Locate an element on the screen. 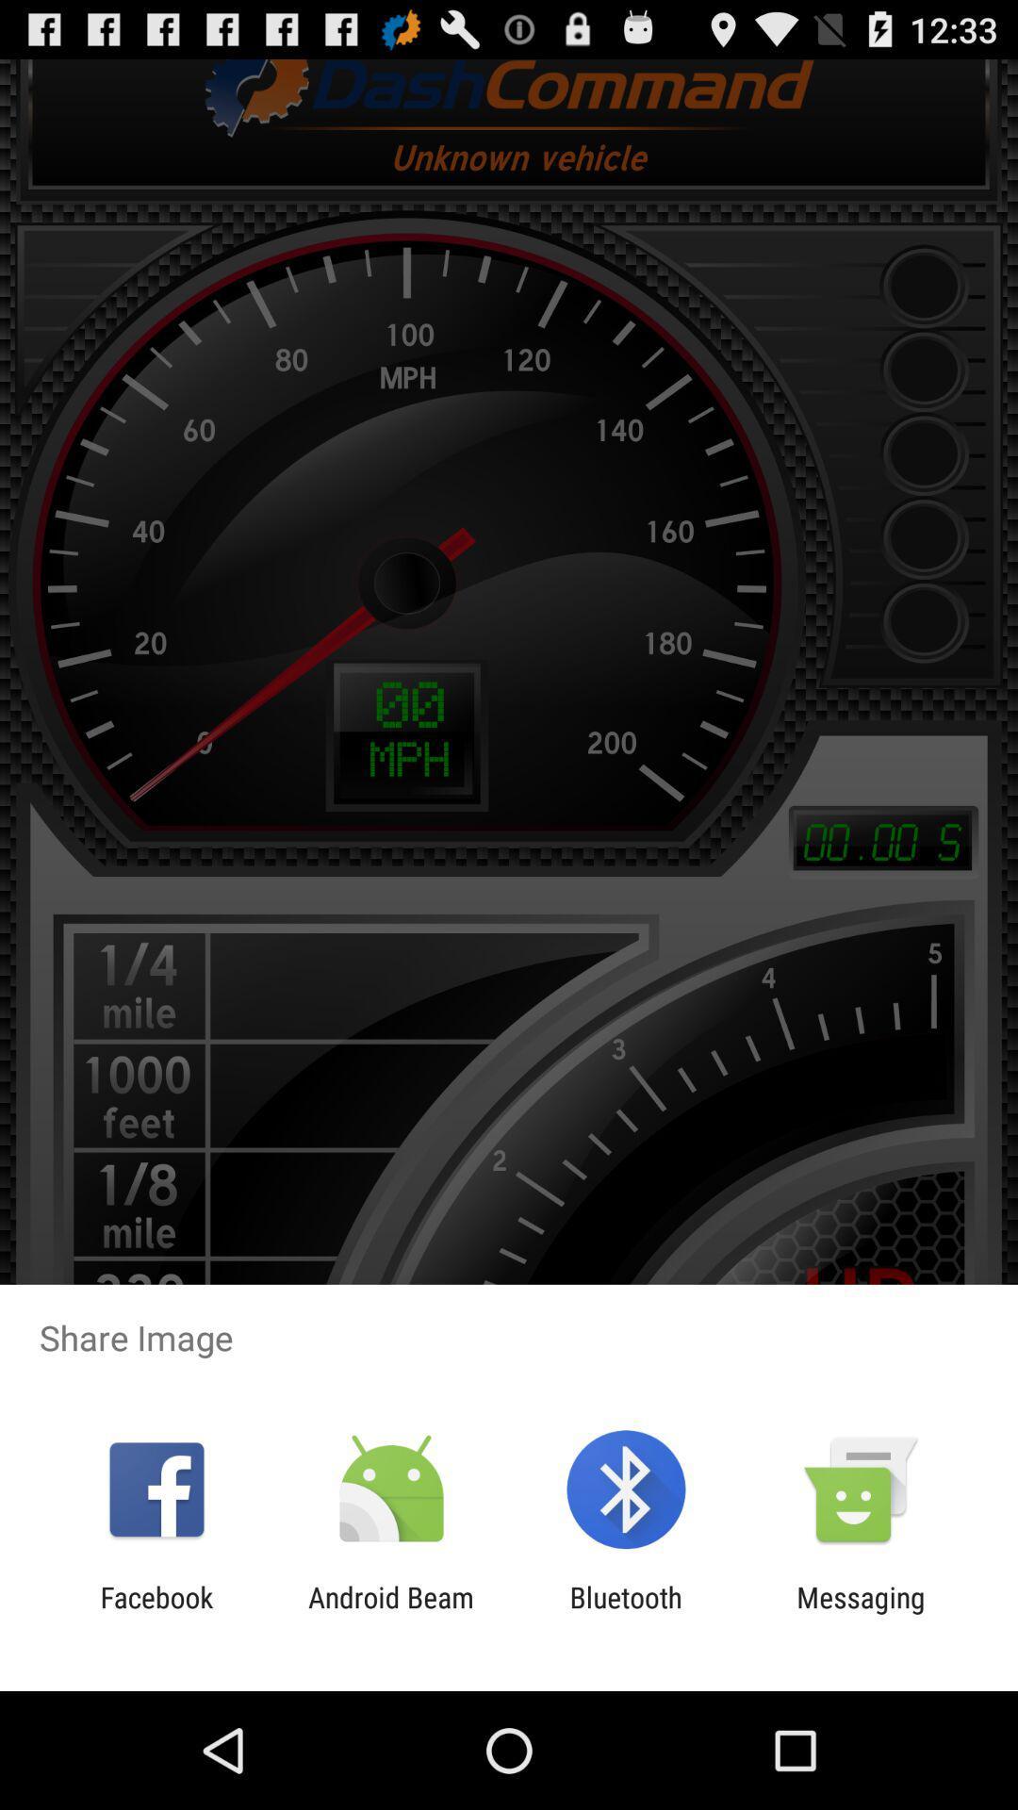 The image size is (1018, 1810). the facebook app is located at coordinates (156, 1613).